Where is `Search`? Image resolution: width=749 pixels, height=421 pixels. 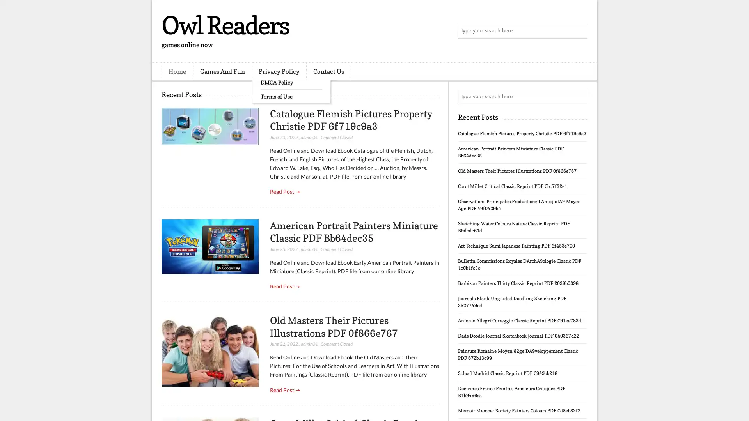 Search is located at coordinates (579, 97).